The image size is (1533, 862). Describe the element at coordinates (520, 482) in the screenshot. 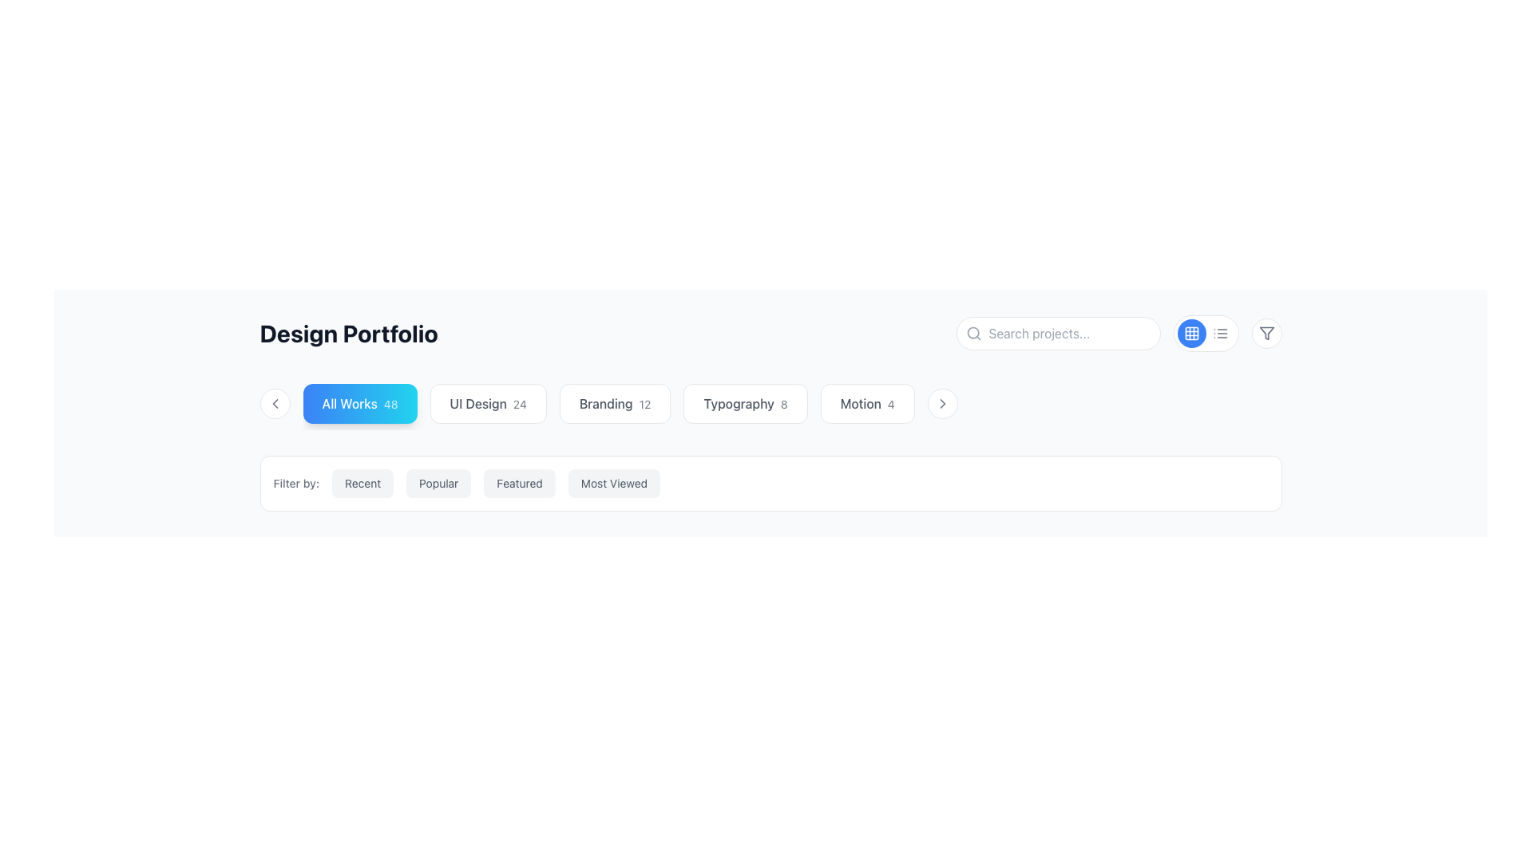

I see `the 'Featured' button, which is a rectangular button with rounded corners and a light gray background` at that location.